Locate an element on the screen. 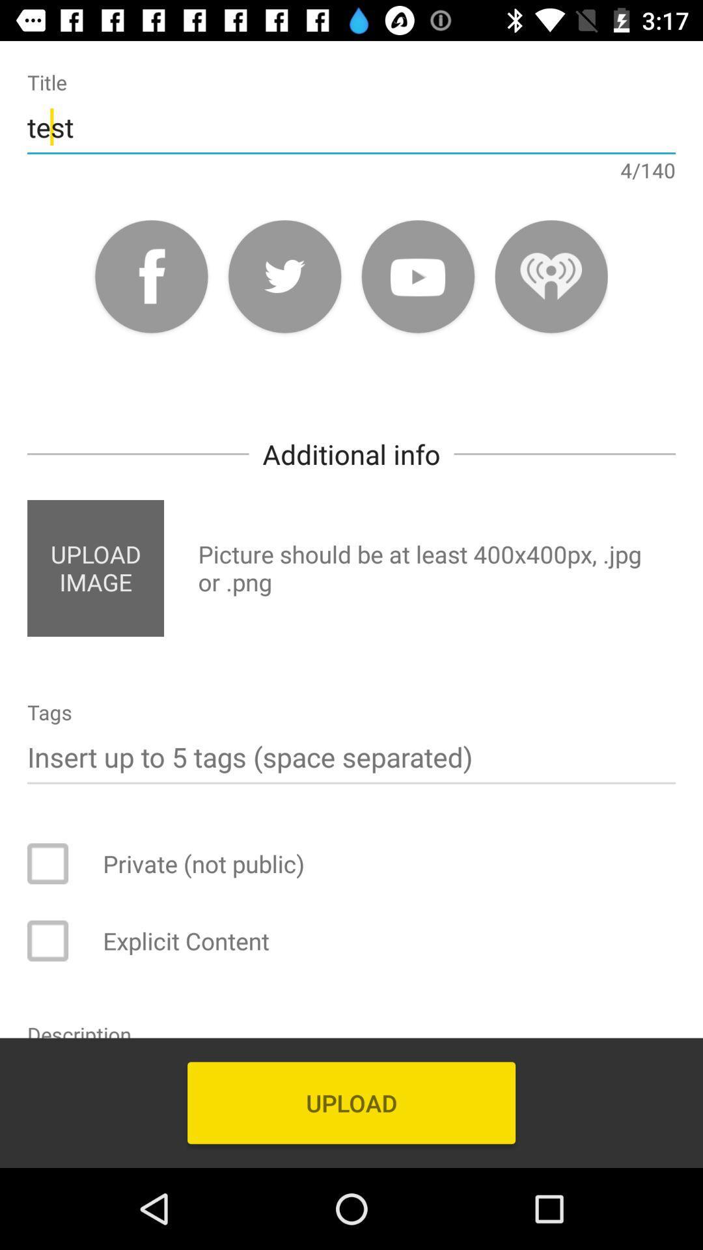 The image size is (703, 1250). answer box is located at coordinates (56, 941).